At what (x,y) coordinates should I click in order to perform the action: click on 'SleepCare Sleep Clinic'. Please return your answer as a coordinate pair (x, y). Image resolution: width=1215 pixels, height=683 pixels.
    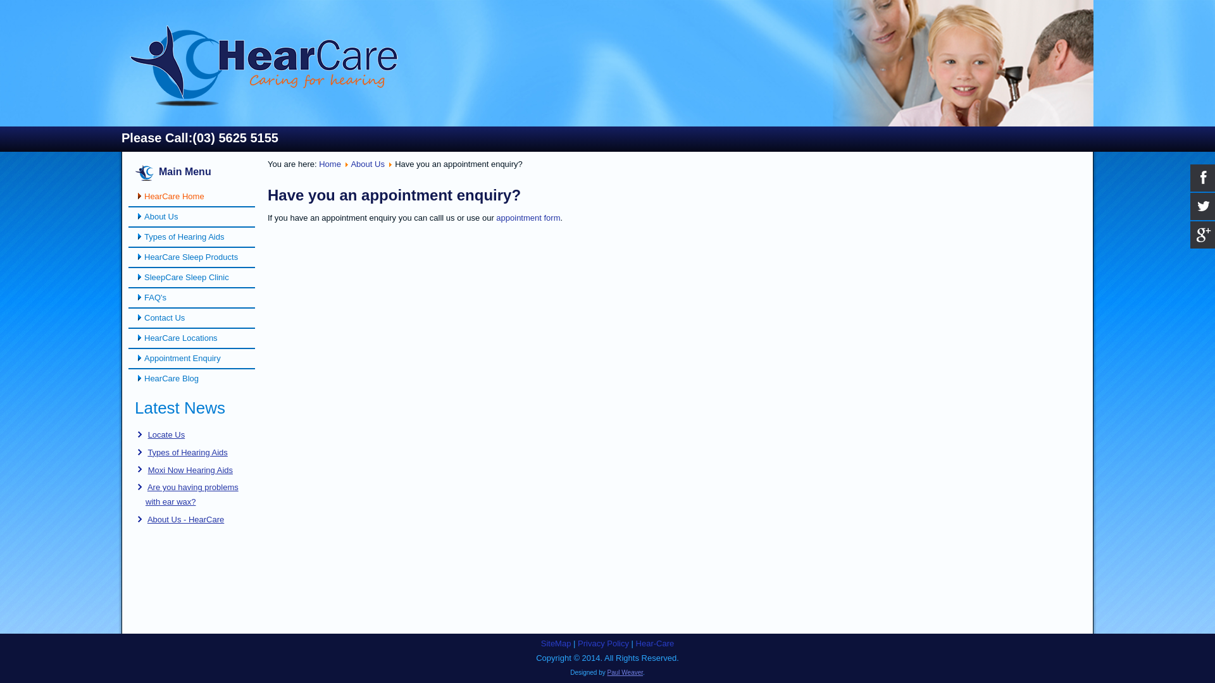
    Looking at the image, I should click on (128, 277).